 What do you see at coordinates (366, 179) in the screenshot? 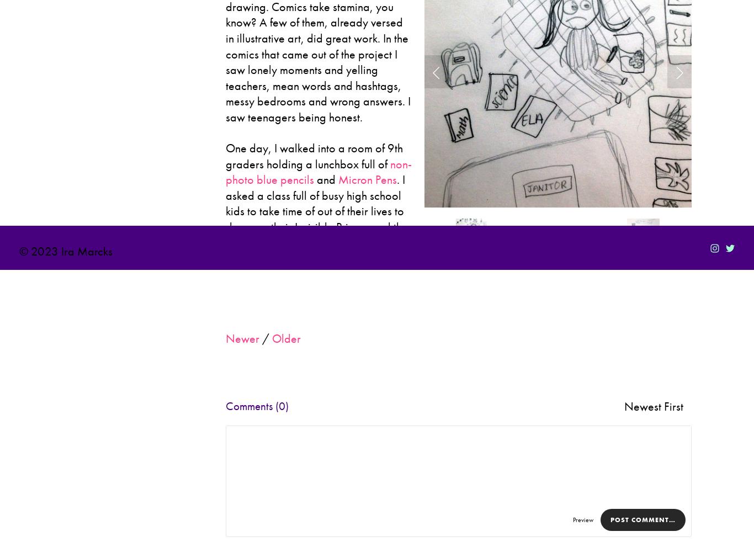
I see `'Micron Pens'` at bounding box center [366, 179].